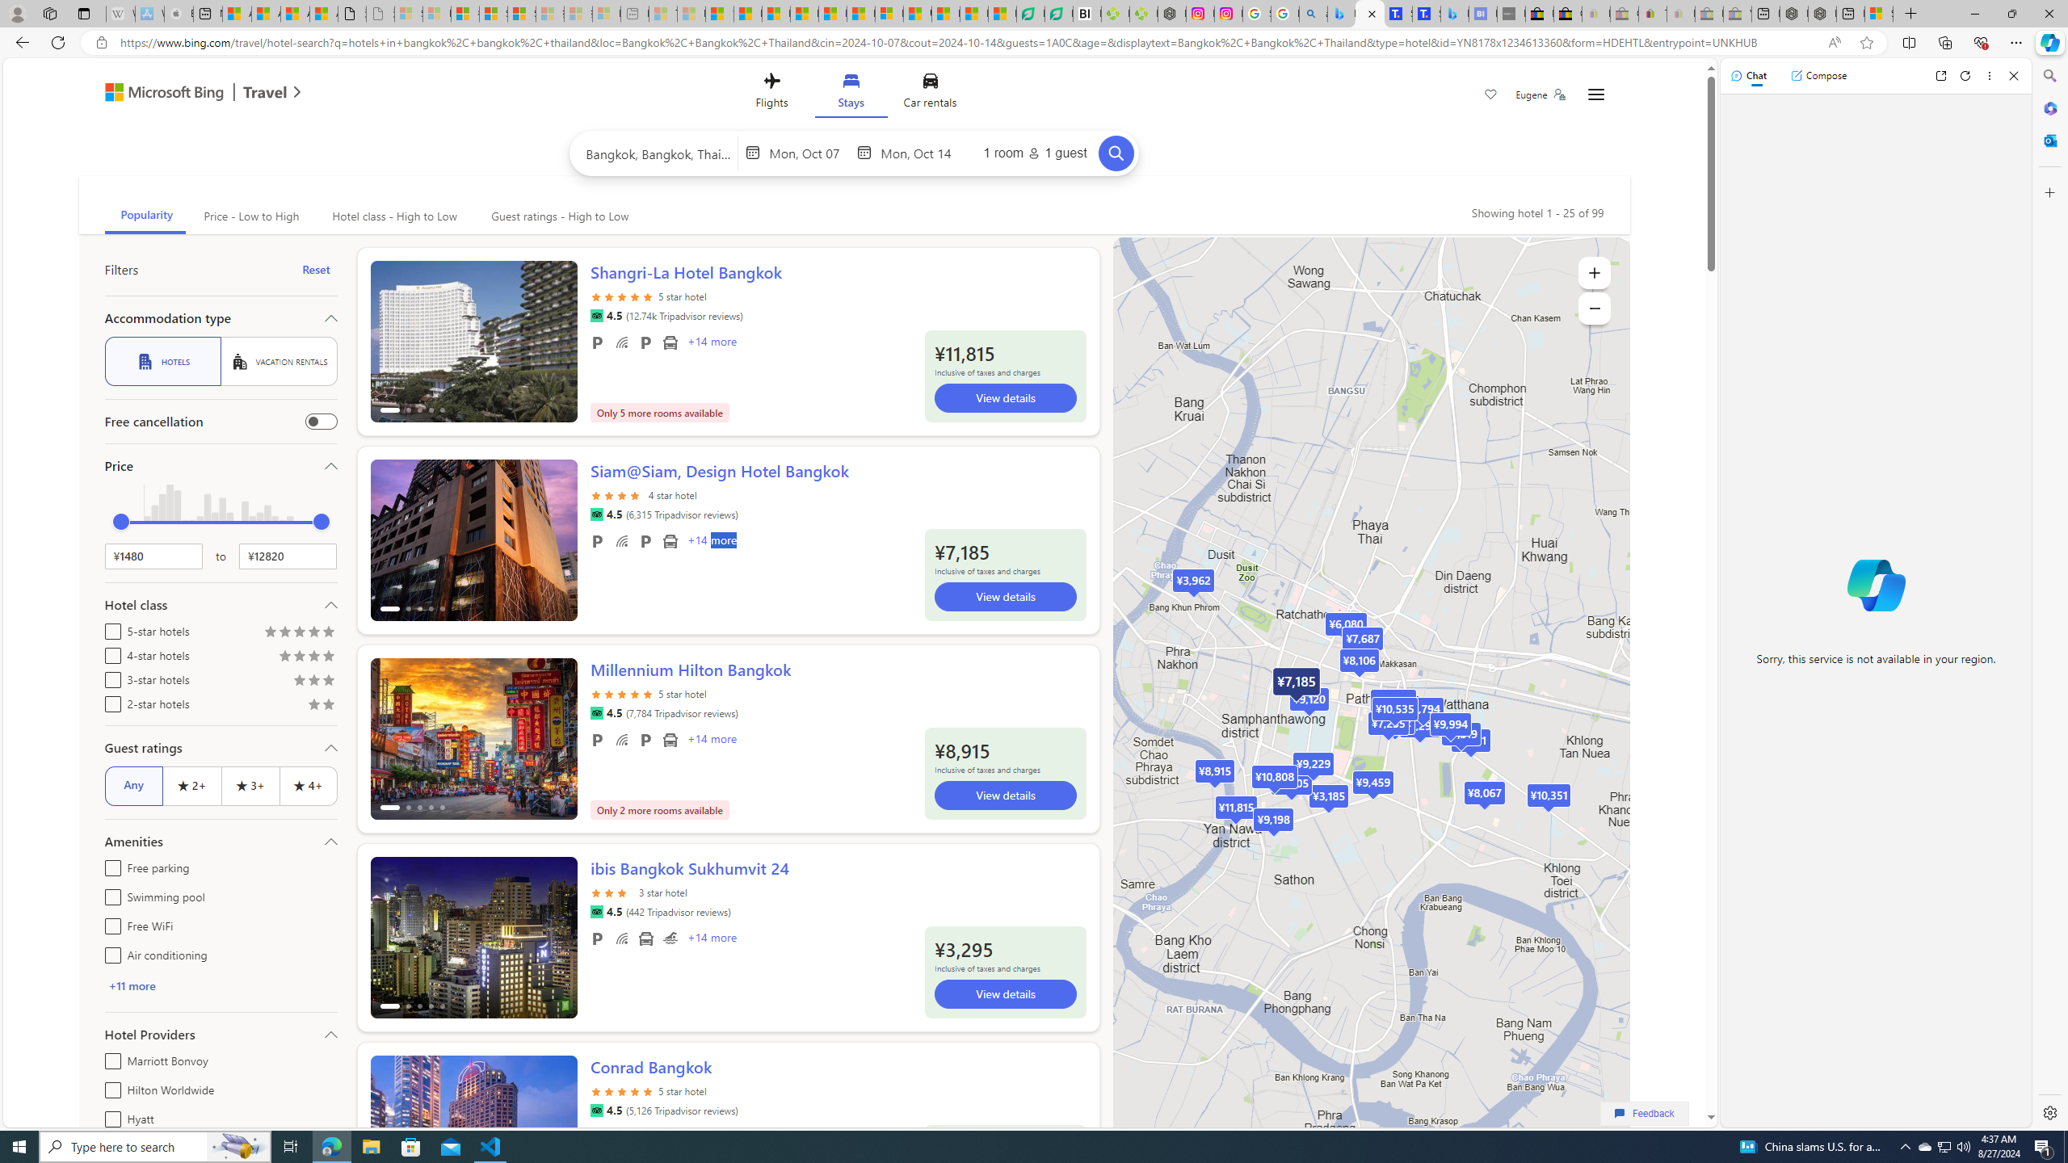 The height and width of the screenshot is (1163, 2068). Describe the element at coordinates (156, 93) in the screenshot. I see `'Microsoft Bing'` at that location.